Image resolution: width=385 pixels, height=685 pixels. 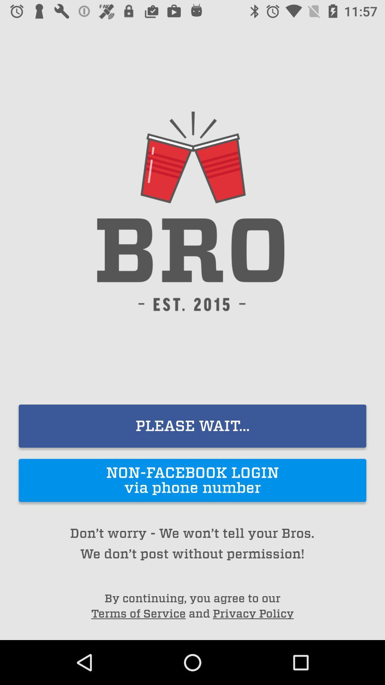 What do you see at coordinates (192, 480) in the screenshot?
I see `the item above the don t worry icon` at bounding box center [192, 480].